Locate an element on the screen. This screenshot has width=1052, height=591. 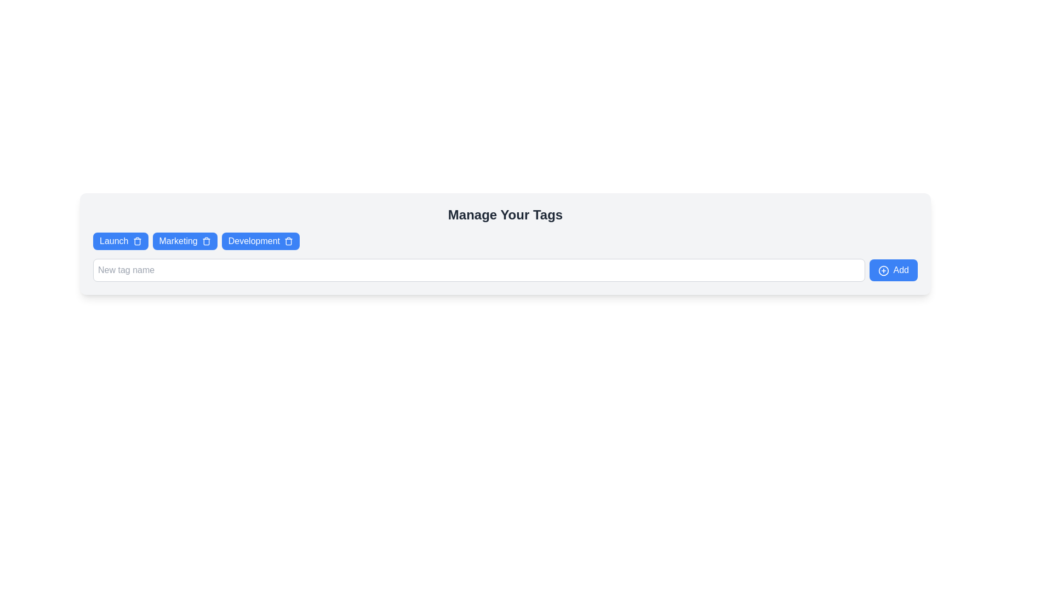
the delete icon button associated with the 'Development' tag is located at coordinates (289, 240).